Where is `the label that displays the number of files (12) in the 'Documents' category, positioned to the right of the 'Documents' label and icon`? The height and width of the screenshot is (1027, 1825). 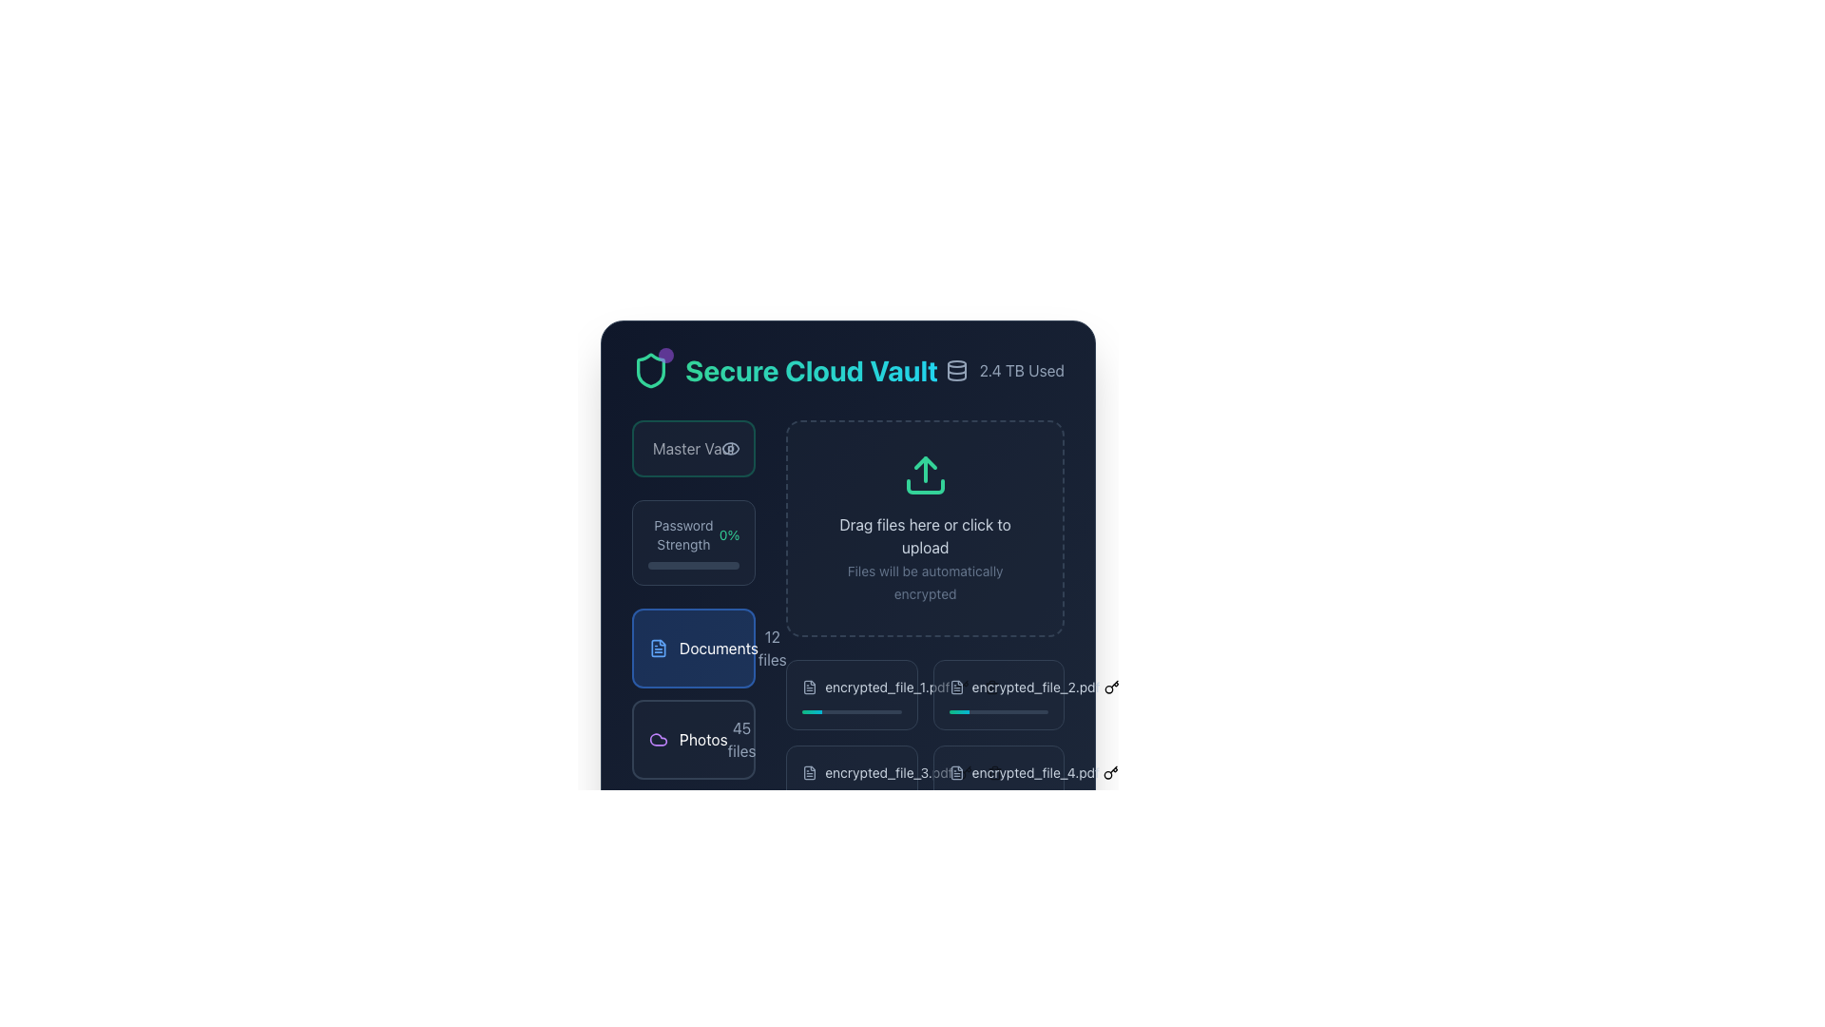
the label that displays the number of files (12) in the 'Documents' category, positioned to the right of the 'Documents' label and icon is located at coordinates (772, 648).